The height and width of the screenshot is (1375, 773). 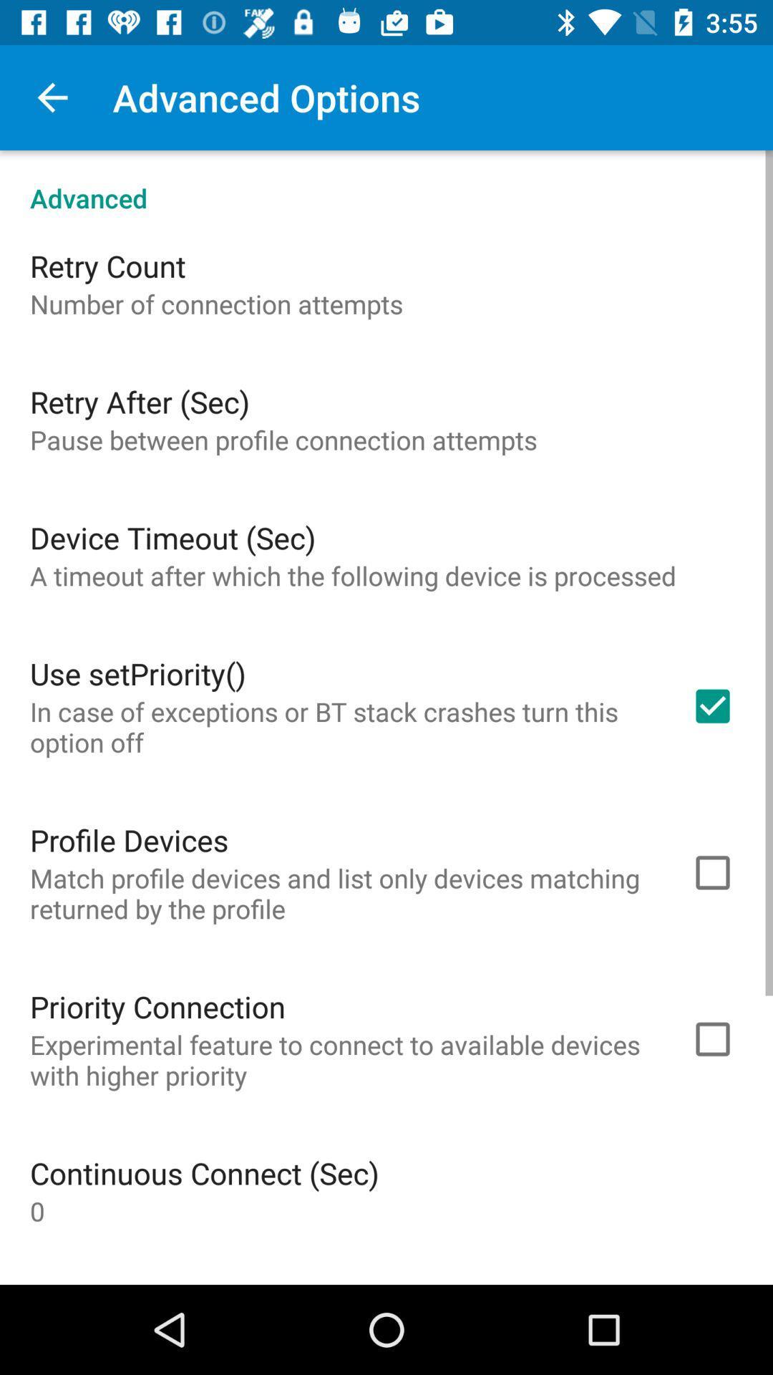 I want to click on item below the use setpriority() icon, so click(x=341, y=727).